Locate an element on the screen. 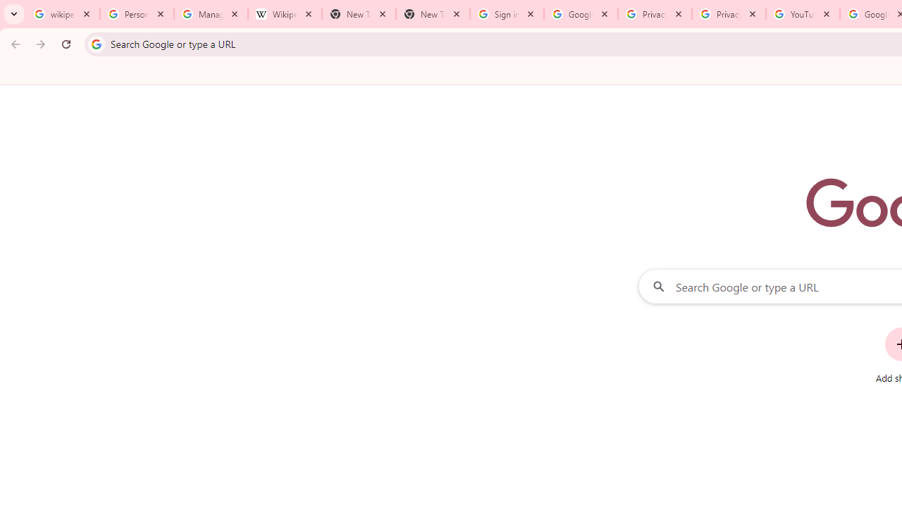  'Google Drive: Sign-in' is located at coordinates (581, 14).